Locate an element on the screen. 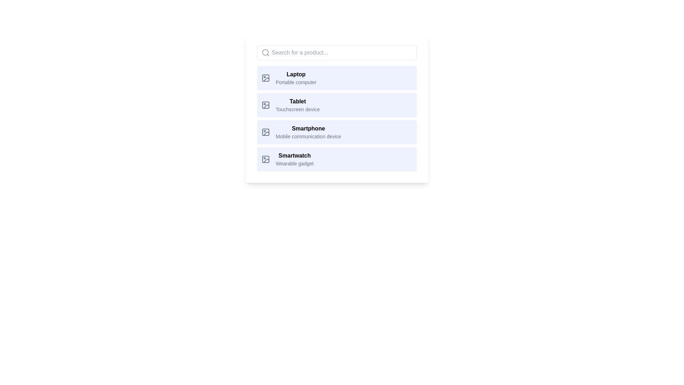 The width and height of the screenshot is (684, 385). the selectable list item labeled 'Smartwatch' with a light blue background is located at coordinates (336, 159).